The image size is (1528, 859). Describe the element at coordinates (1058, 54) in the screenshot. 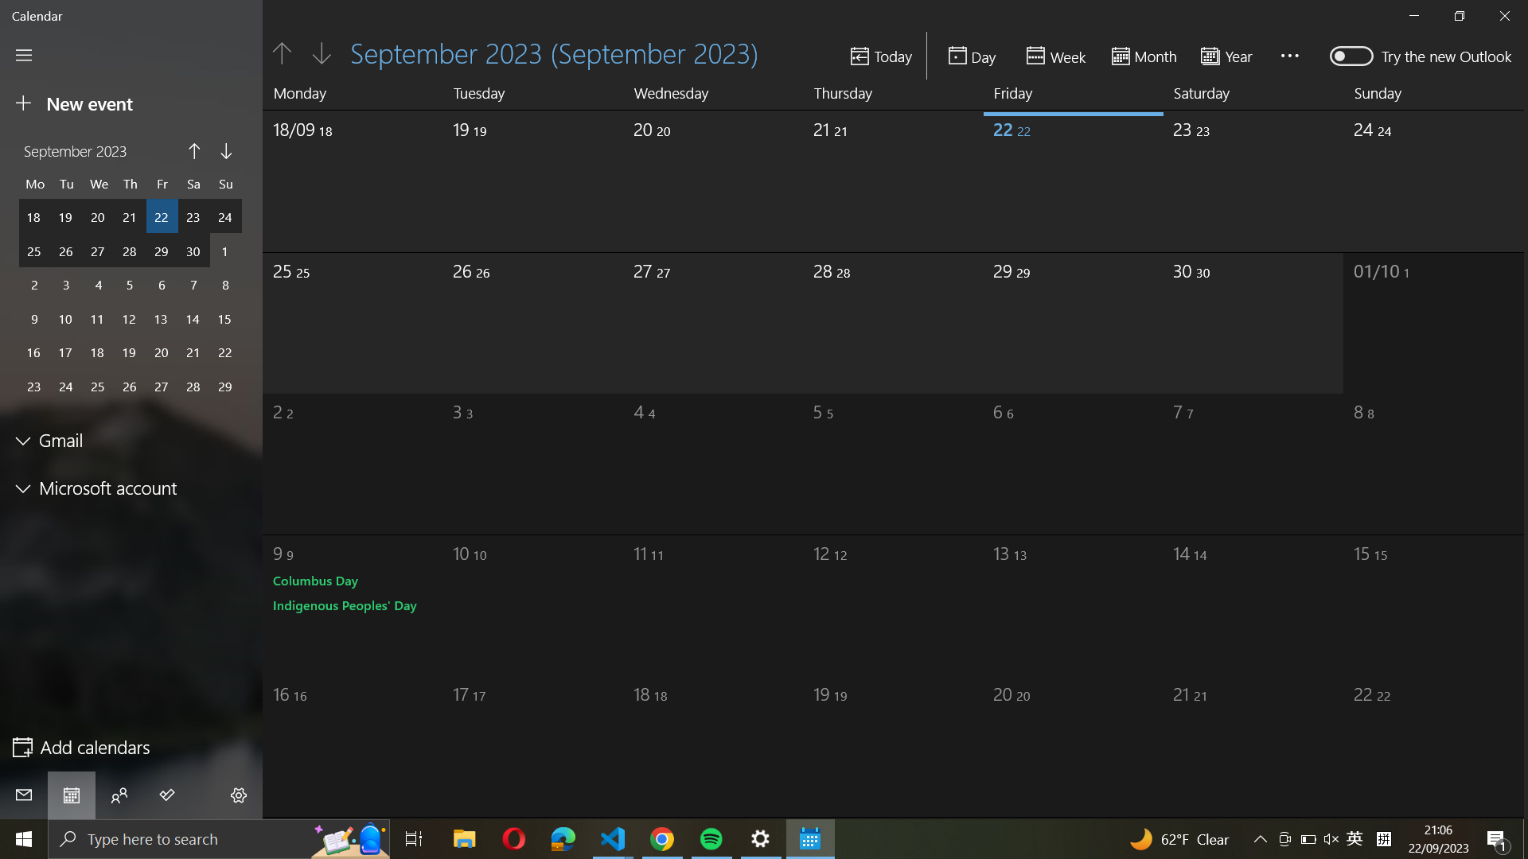

I see `Switch the calendar view to weekly mode` at that location.